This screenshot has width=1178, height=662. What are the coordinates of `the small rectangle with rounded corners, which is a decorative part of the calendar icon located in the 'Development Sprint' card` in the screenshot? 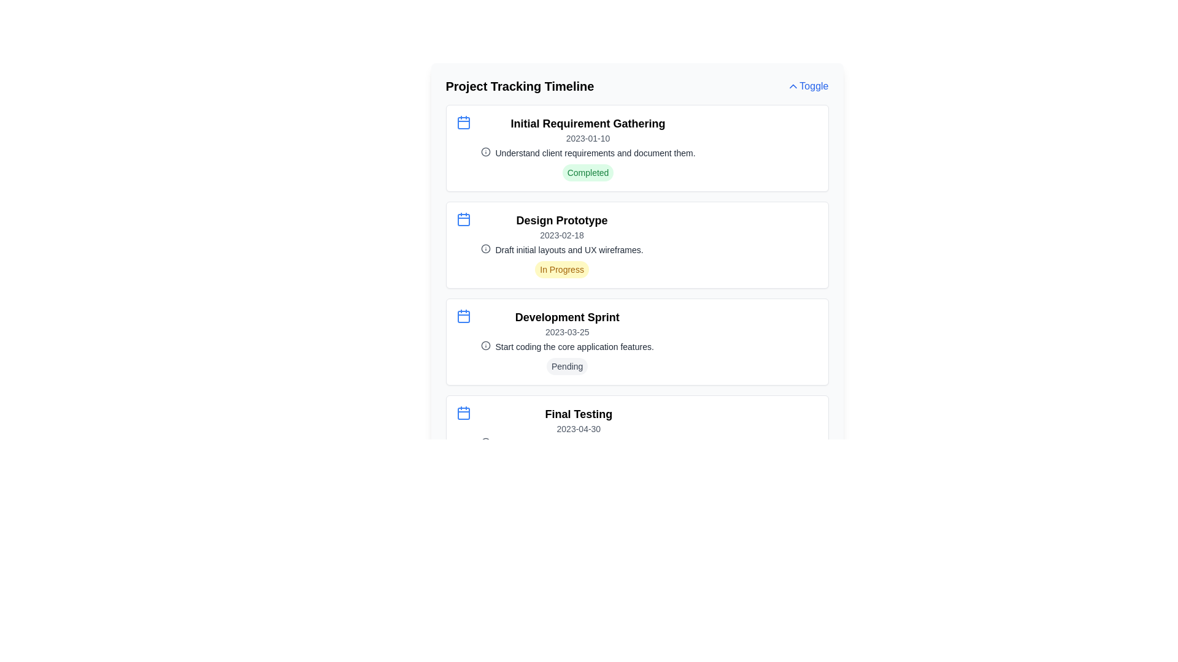 It's located at (463, 316).